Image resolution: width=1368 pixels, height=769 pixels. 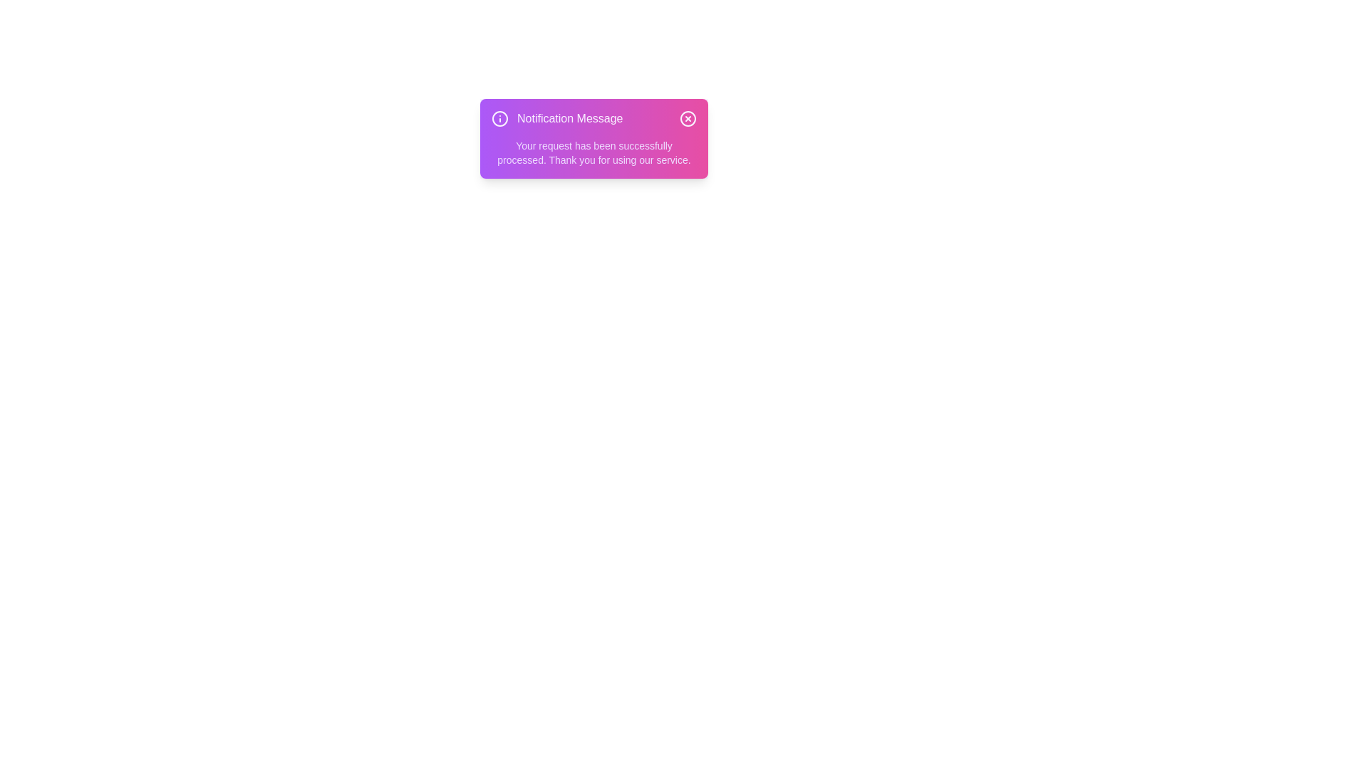 I want to click on the circular information icon filled with a gradient color scheme, located to the left of the 'Notification Message' title, to get more information, so click(x=499, y=117).